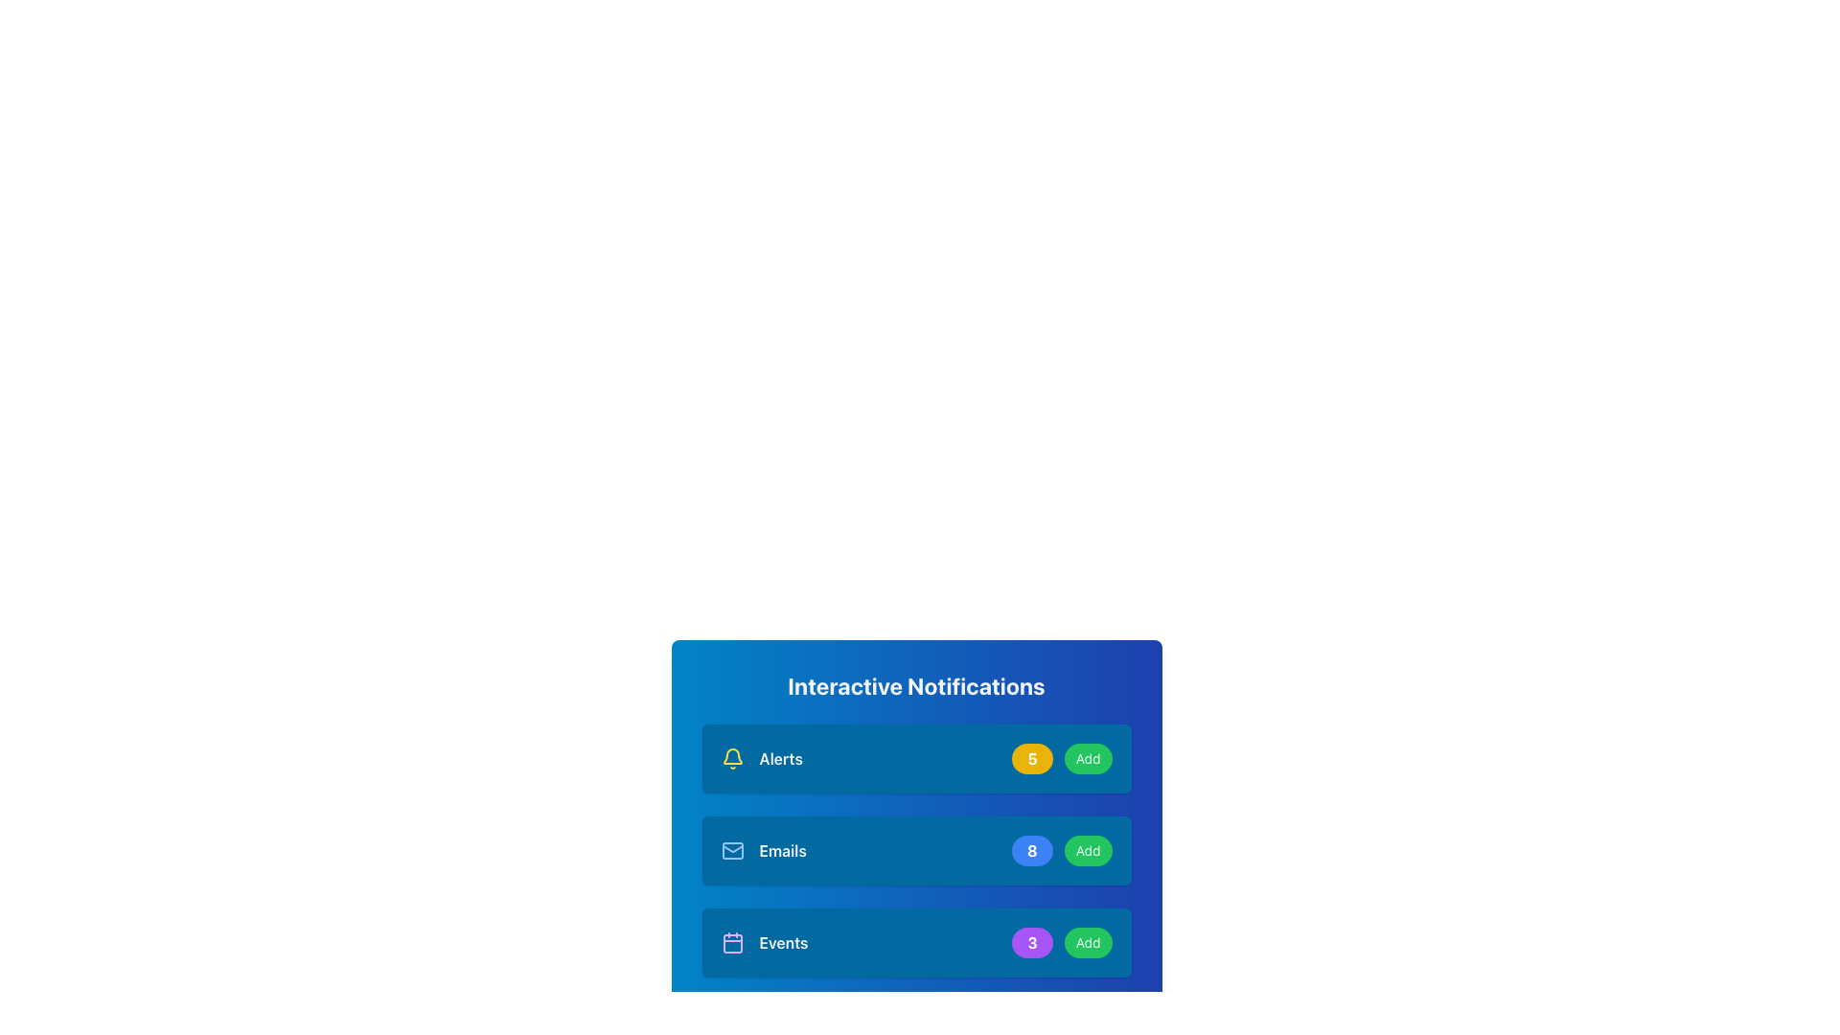 This screenshot has width=1840, height=1035. I want to click on badge displaying the number '5' in bold white text, which is part of a composite element containing a yellow badge and a green 'Add' button, located in the top section of the 'Interactive Notifications' interface, so click(1061, 757).